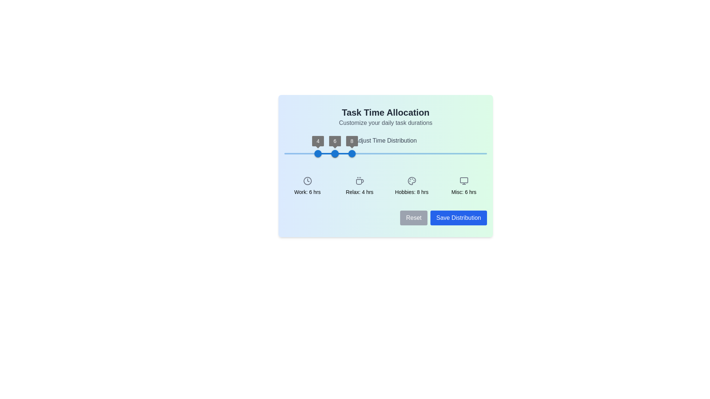 This screenshot has height=399, width=710. What do you see at coordinates (359, 186) in the screenshot?
I see `the label displaying 'Relax: 4 hrs' with an icon of a steaming coffee mug, which is the second item in a horizontally aligned grid of task time allocations` at bounding box center [359, 186].